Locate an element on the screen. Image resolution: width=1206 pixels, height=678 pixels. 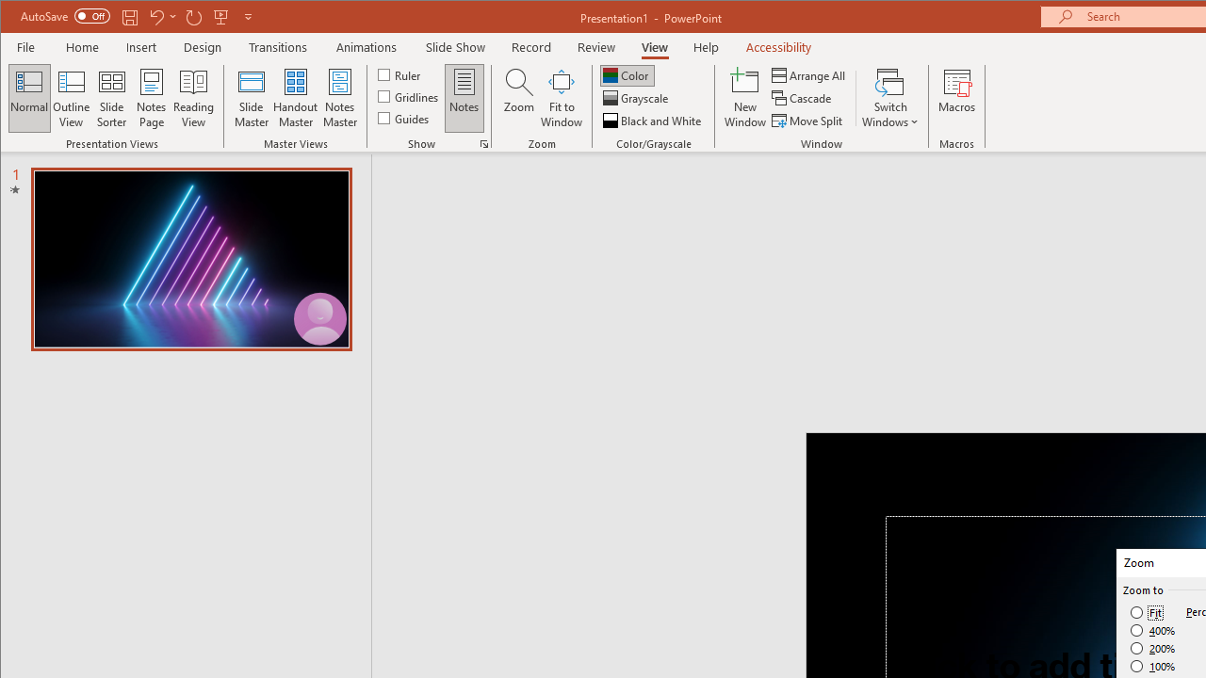
'Grid Settings...' is located at coordinates (483, 143).